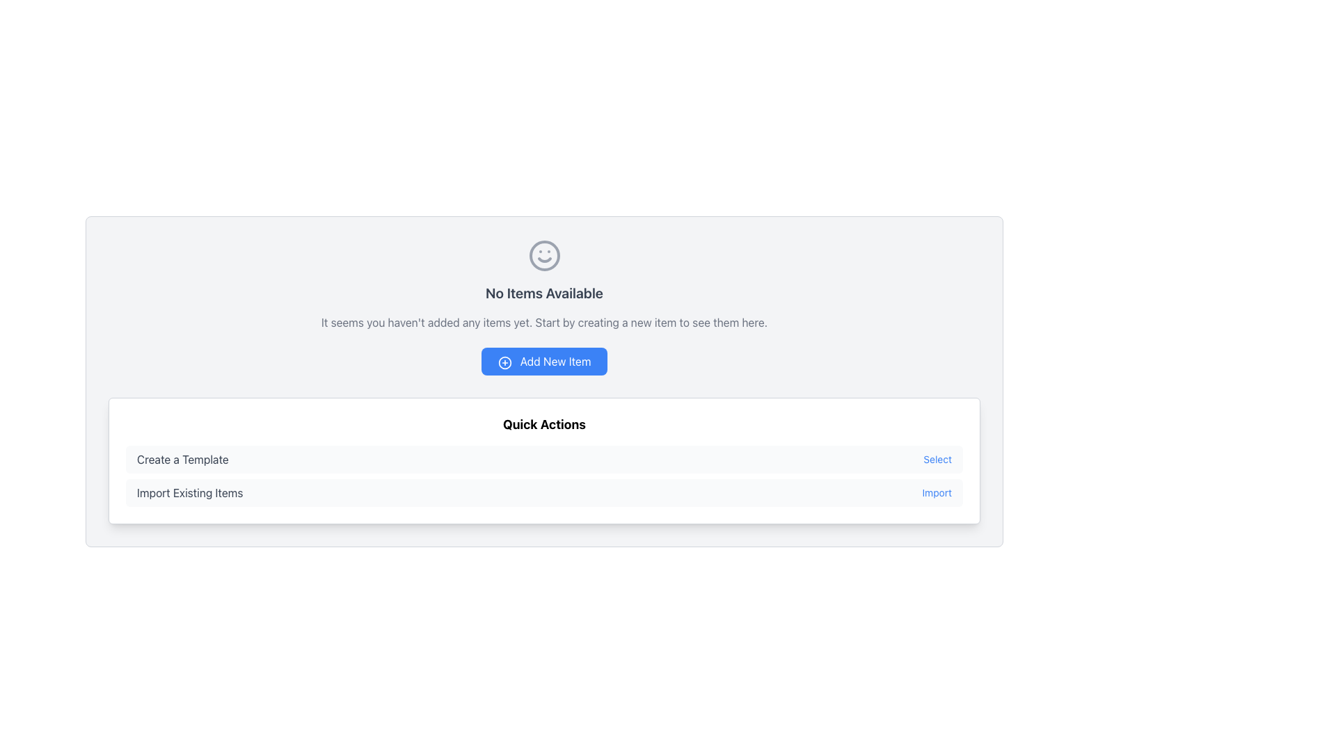 This screenshot has height=751, width=1336. Describe the element at coordinates (543, 361) in the screenshot. I see `the blue 'Add New Item' button with a white '+' icon to initiate item creation` at that location.